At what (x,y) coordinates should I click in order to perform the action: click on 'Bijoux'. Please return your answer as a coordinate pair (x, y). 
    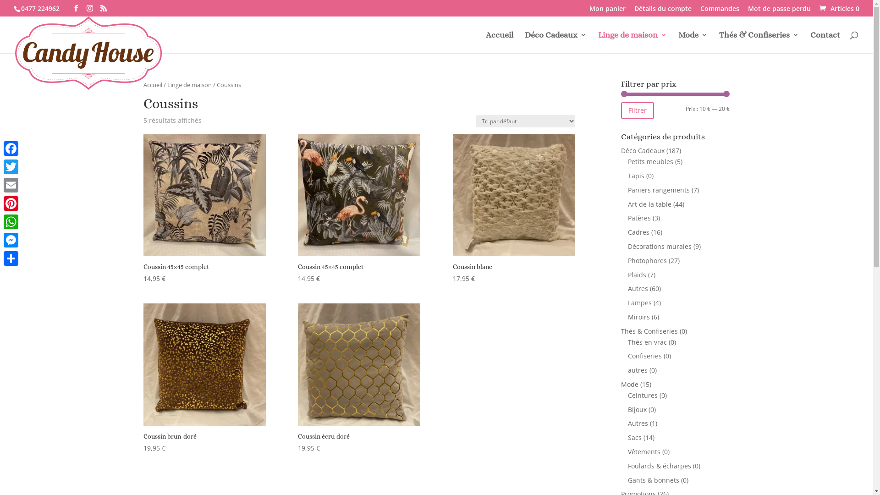
    Looking at the image, I should click on (637, 409).